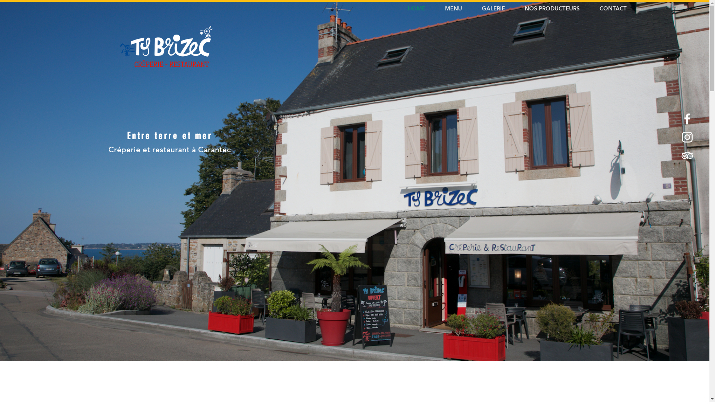 This screenshot has width=715, height=402. Describe the element at coordinates (420, 8) in the screenshot. I see `'HOME'` at that location.